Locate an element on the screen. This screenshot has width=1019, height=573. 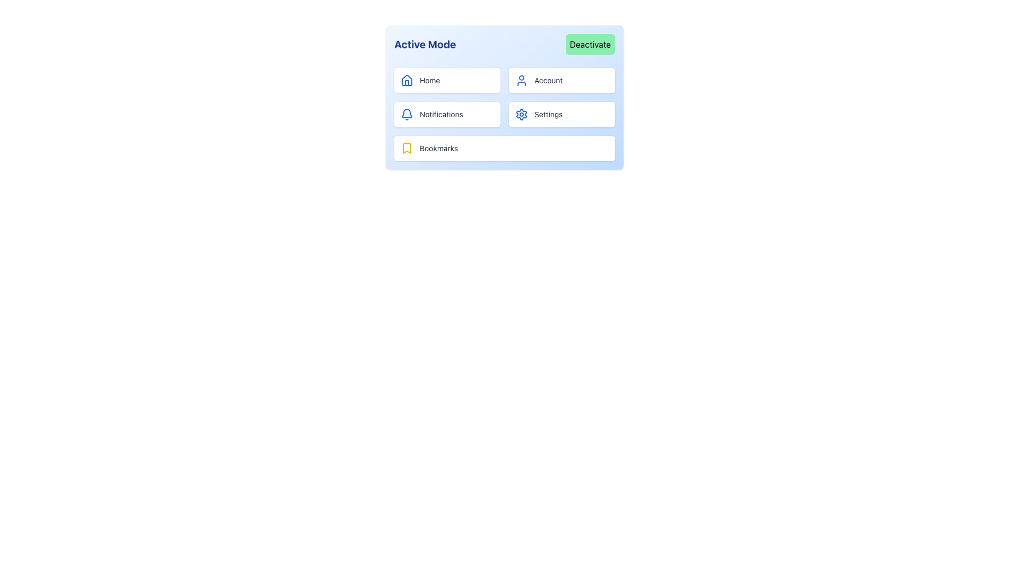
the navigational button located at the lower section of the grid layout, which is below the 'Notifications' and 'Settings' buttons is located at coordinates (504, 149).